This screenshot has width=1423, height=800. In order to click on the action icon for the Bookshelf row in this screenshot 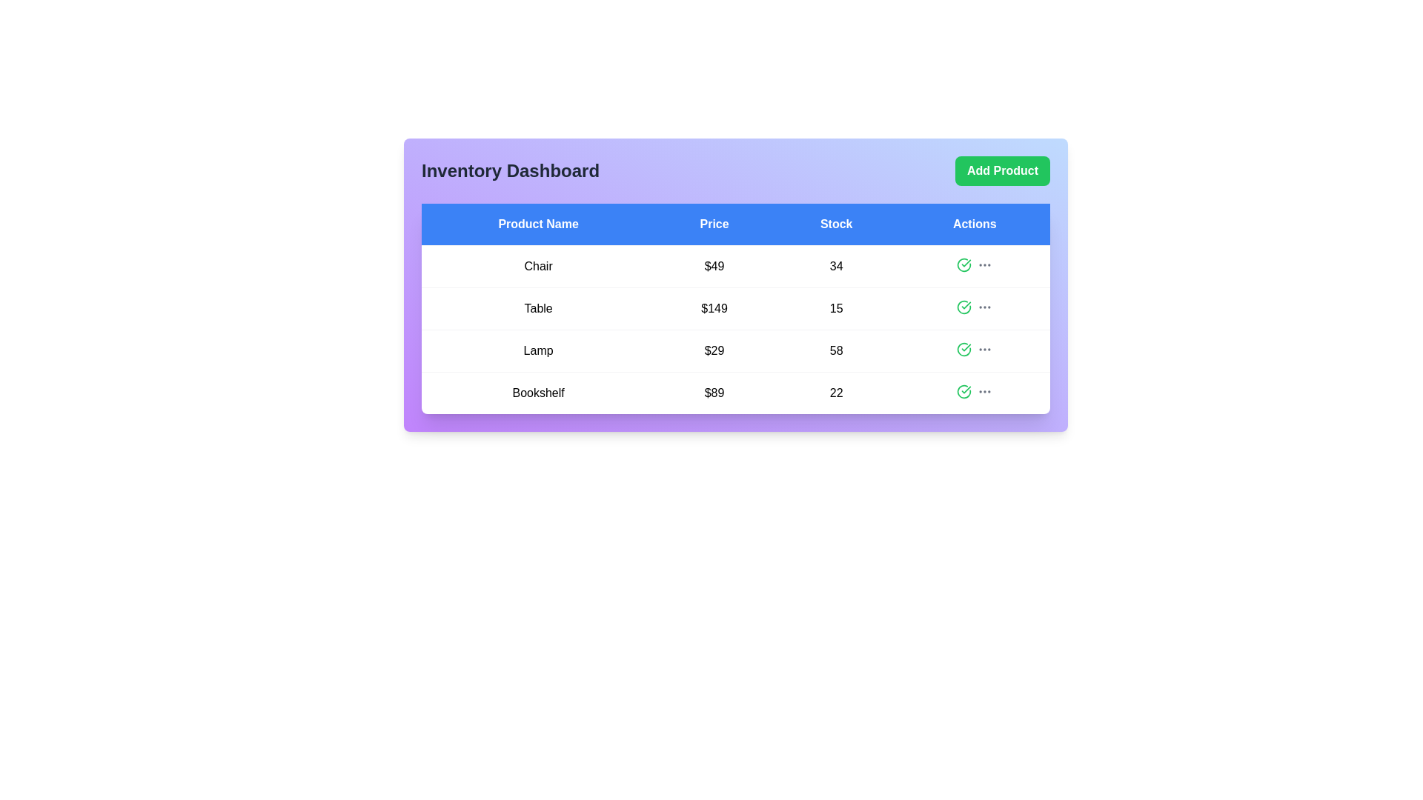, I will do `click(963, 390)`.